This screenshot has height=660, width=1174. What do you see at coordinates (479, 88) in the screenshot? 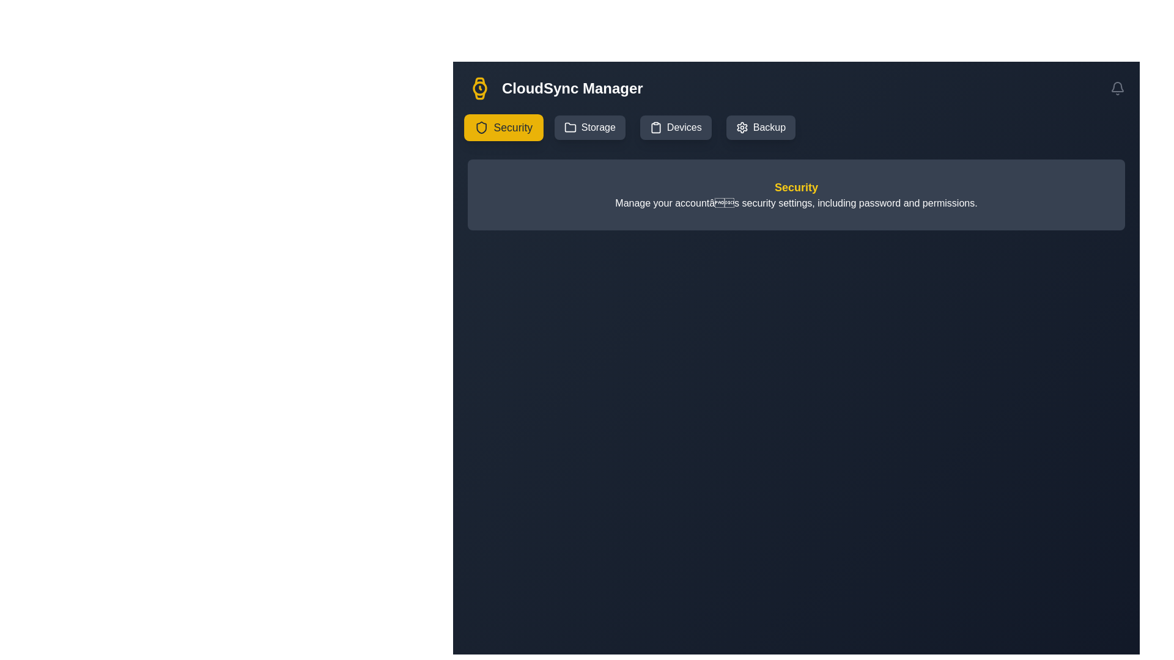
I see `the central circular SVG graphic of the watch icon located near the 'CloudSync Manager' title` at bounding box center [479, 88].